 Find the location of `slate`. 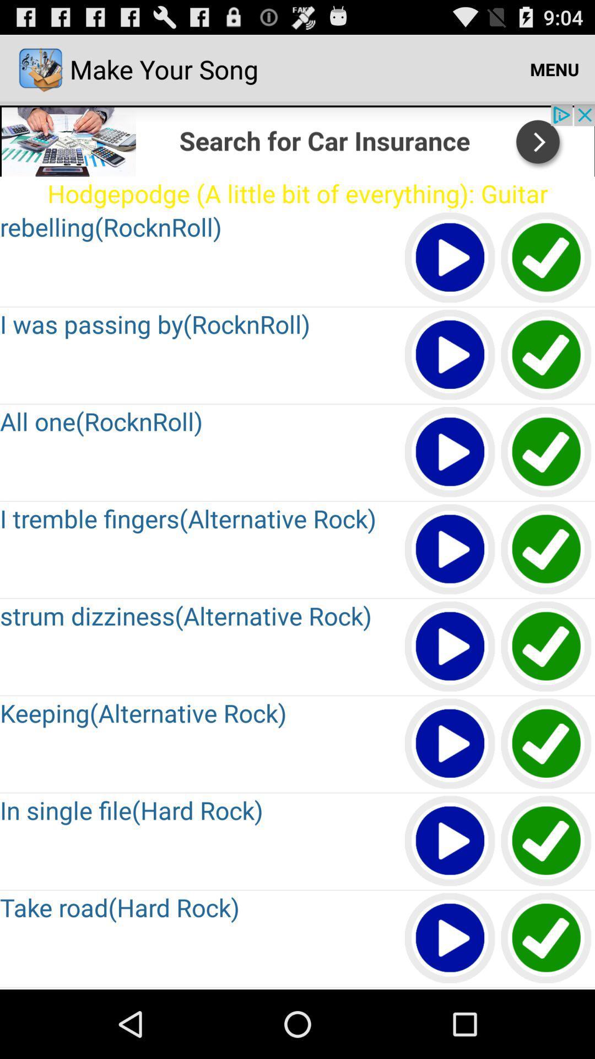

slate is located at coordinates (547, 550).